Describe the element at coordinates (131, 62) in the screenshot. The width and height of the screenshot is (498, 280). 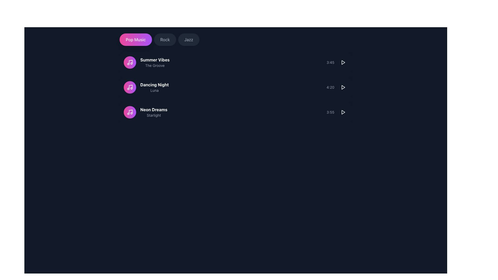
I see `the SVG graphical segment depicting a musical component within the first circular pink icon for the track 'Summer Vibes' for visual feedback` at that location.